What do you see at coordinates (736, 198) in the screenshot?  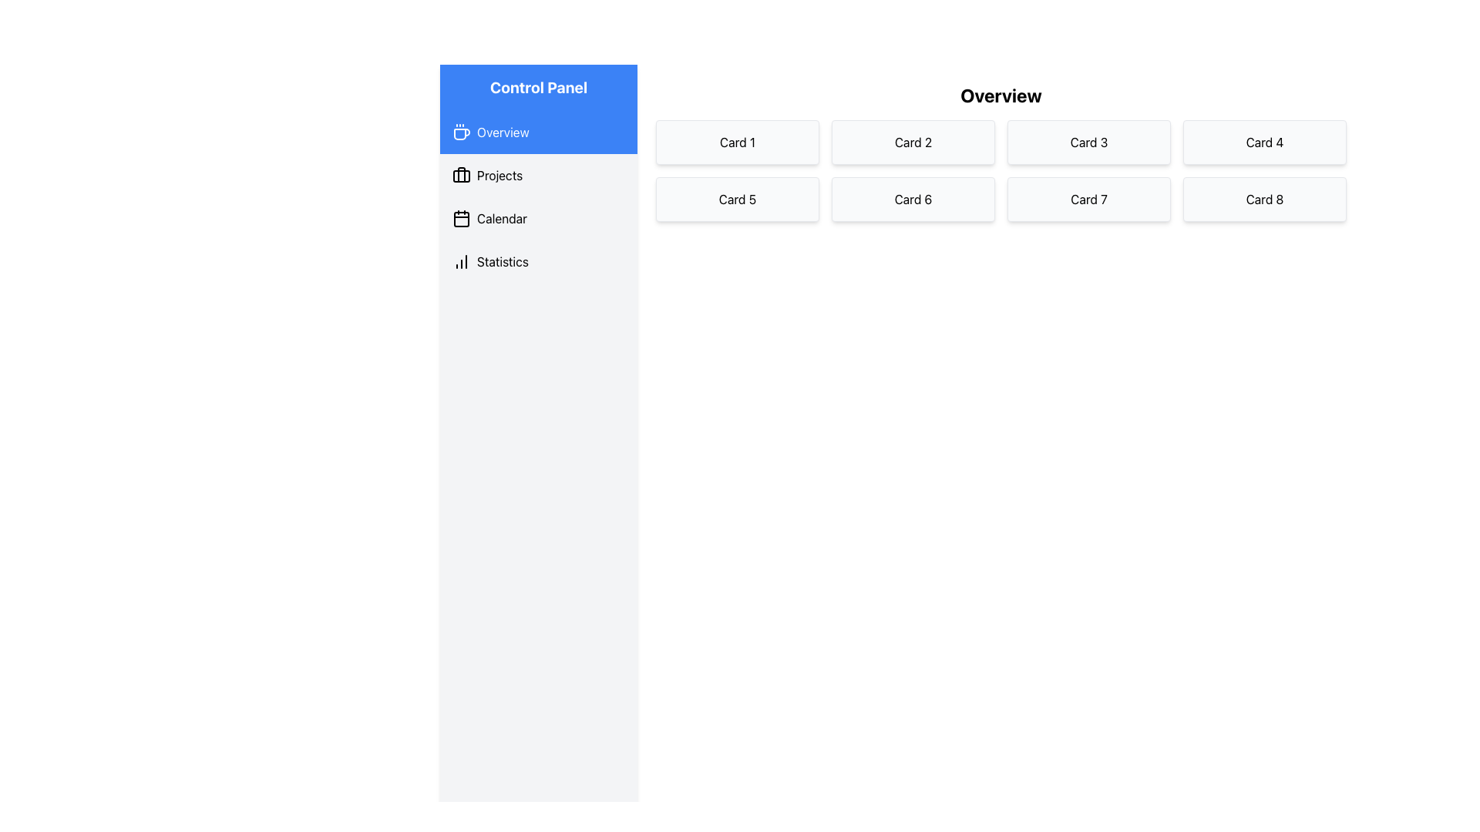 I see `the descriptive label located in the second row and first column of the grid layout, which identifies the card or category it represents` at bounding box center [736, 198].